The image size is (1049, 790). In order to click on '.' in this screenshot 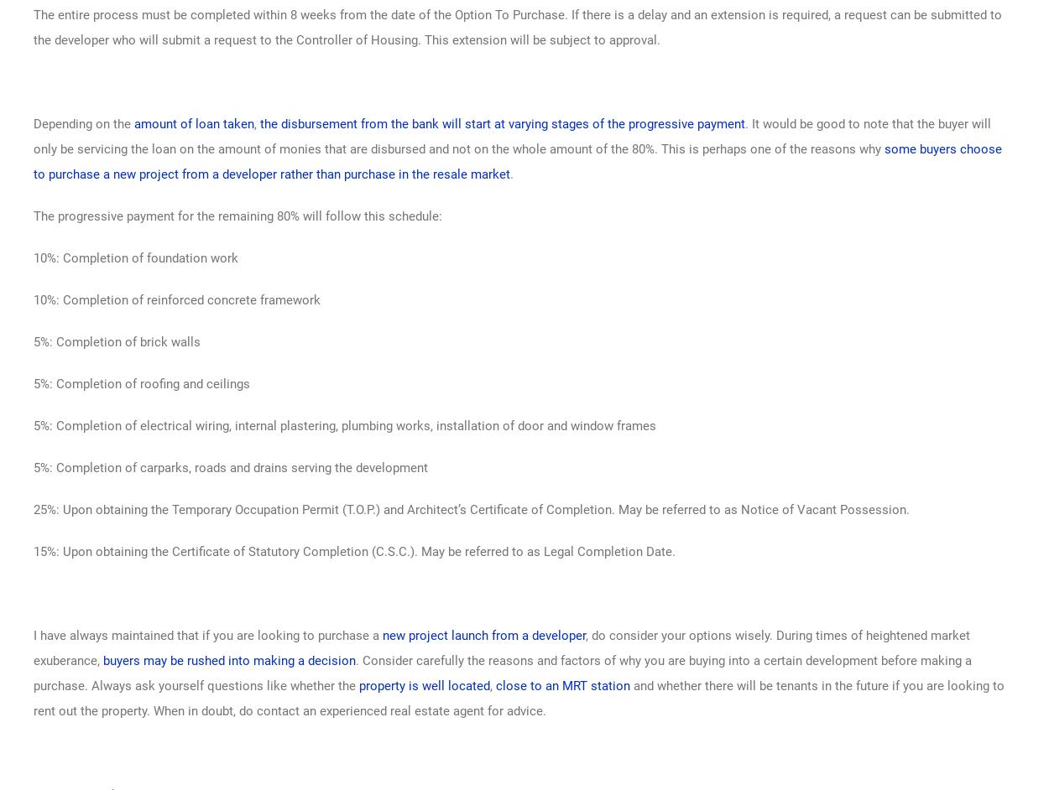, I will do `click(511, 173)`.